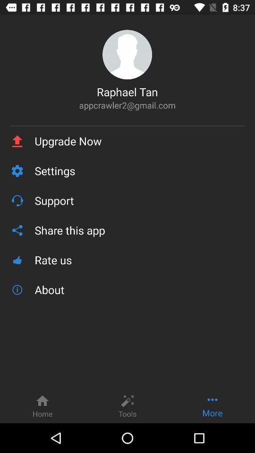  I want to click on the about, so click(139, 289).